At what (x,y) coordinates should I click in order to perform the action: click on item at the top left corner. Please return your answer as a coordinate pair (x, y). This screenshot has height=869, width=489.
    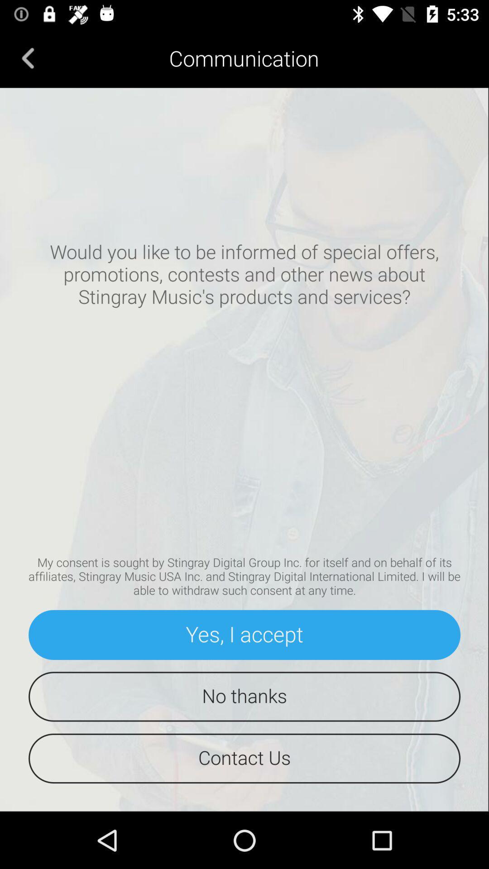
    Looking at the image, I should click on (28, 57).